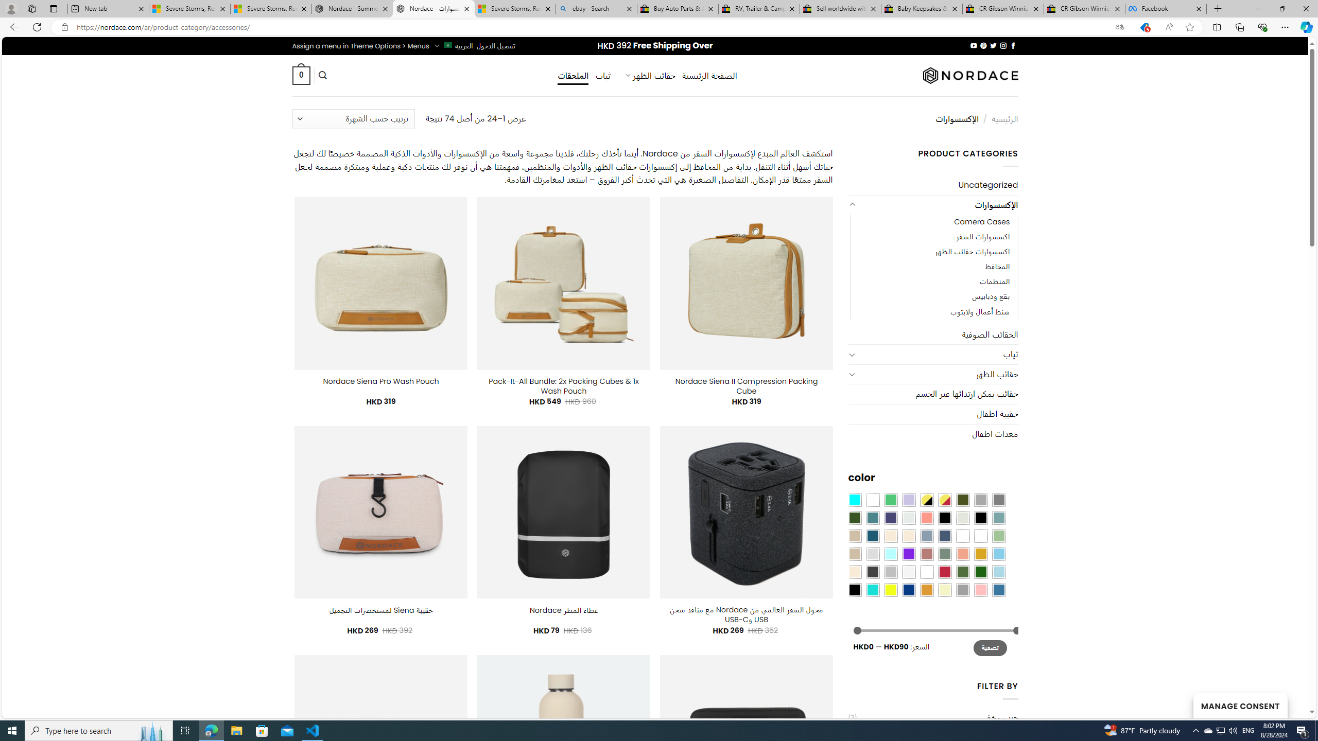 This screenshot has height=741, width=1318. What do you see at coordinates (1003, 45) in the screenshot?
I see `'Follow on Instagram'` at bounding box center [1003, 45].